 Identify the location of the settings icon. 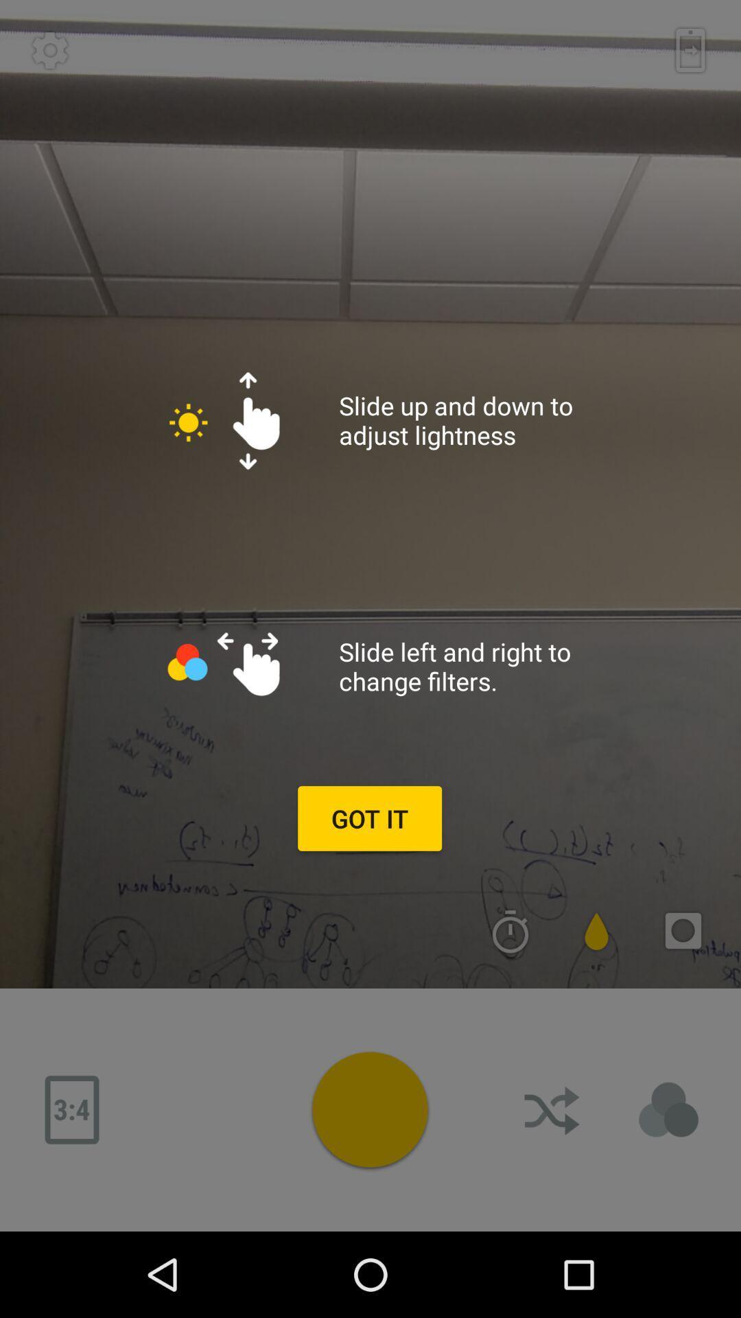
(49, 50).